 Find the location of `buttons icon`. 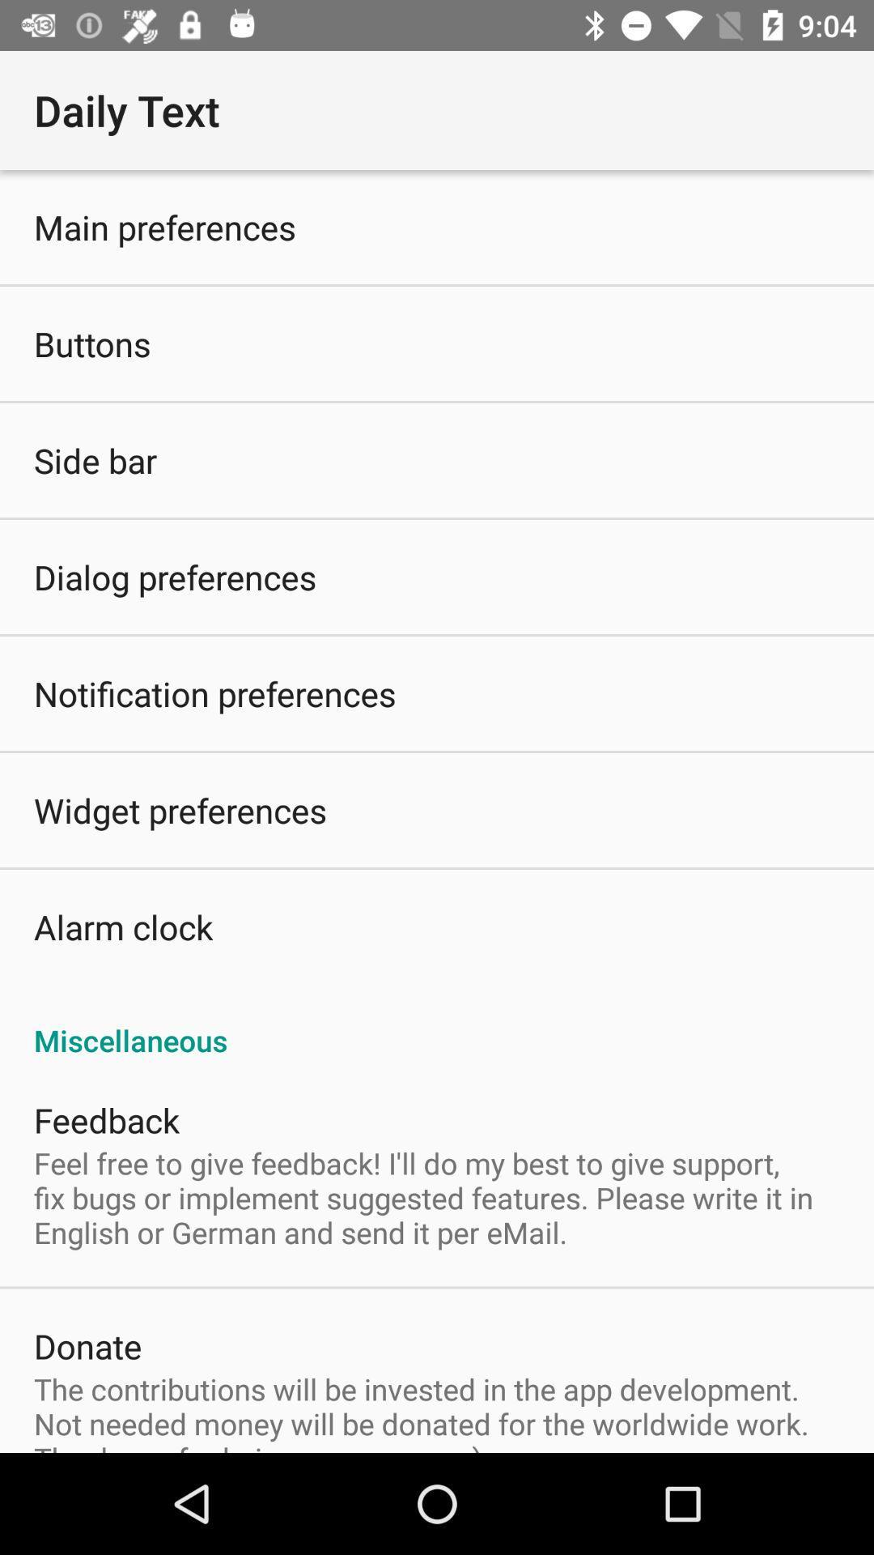

buttons icon is located at coordinates (92, 343).